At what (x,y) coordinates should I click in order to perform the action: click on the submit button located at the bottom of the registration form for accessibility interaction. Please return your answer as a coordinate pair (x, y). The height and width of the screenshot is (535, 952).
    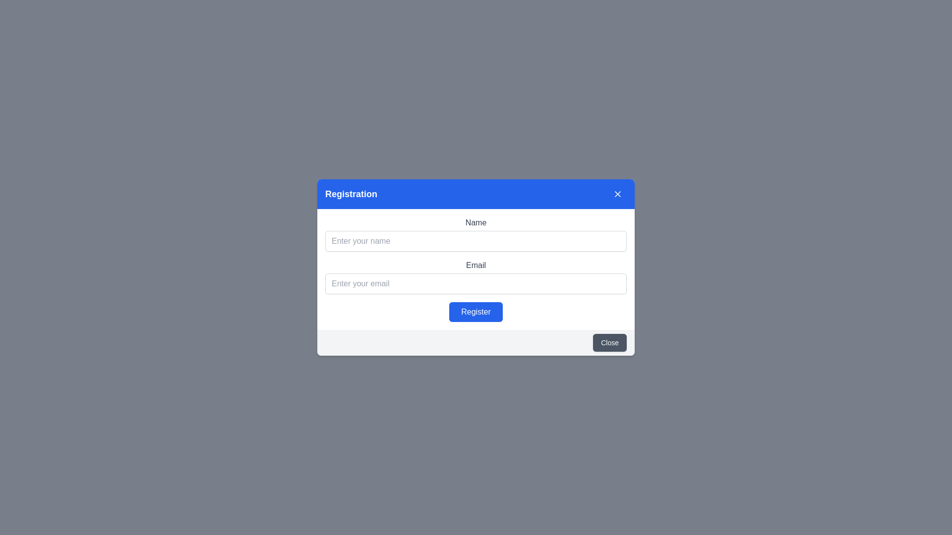
    Looking at the image, I should click on (476, 311).